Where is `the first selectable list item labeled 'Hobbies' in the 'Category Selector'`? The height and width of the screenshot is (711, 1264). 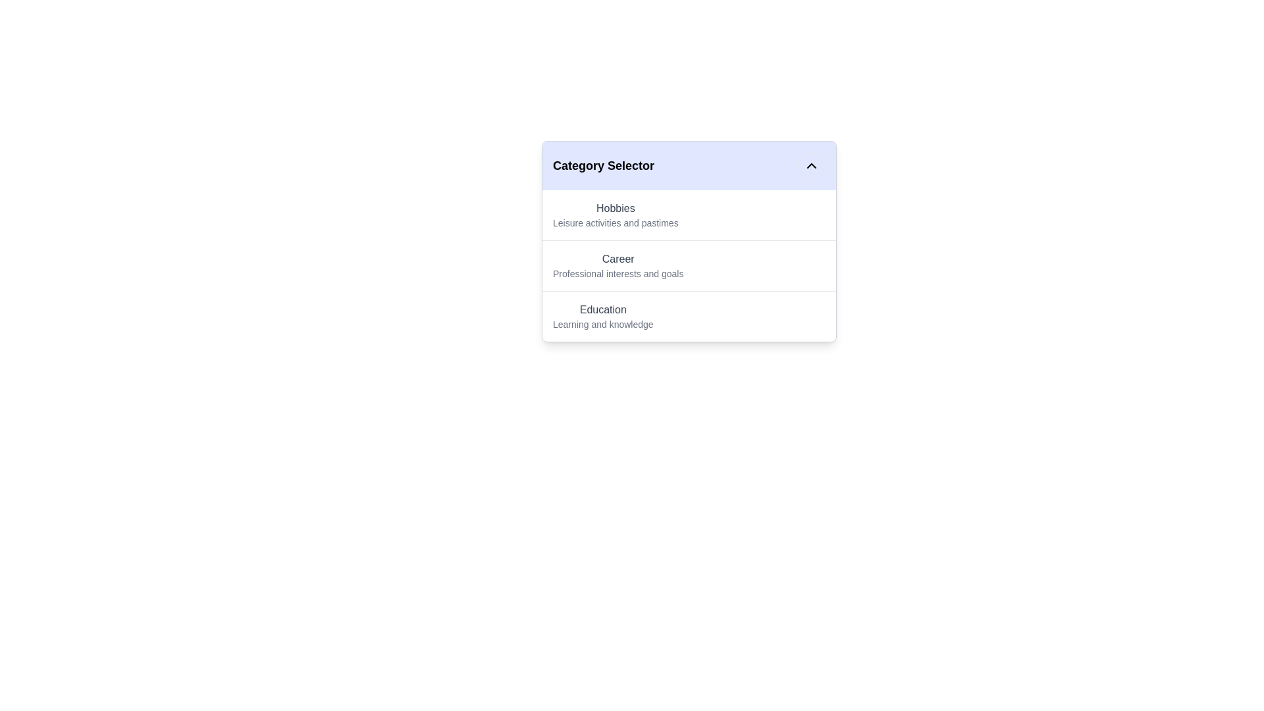 the first selectable list item labeled 'Hobbies' in the 'Category Selector' is located at coordinates (688, 215).